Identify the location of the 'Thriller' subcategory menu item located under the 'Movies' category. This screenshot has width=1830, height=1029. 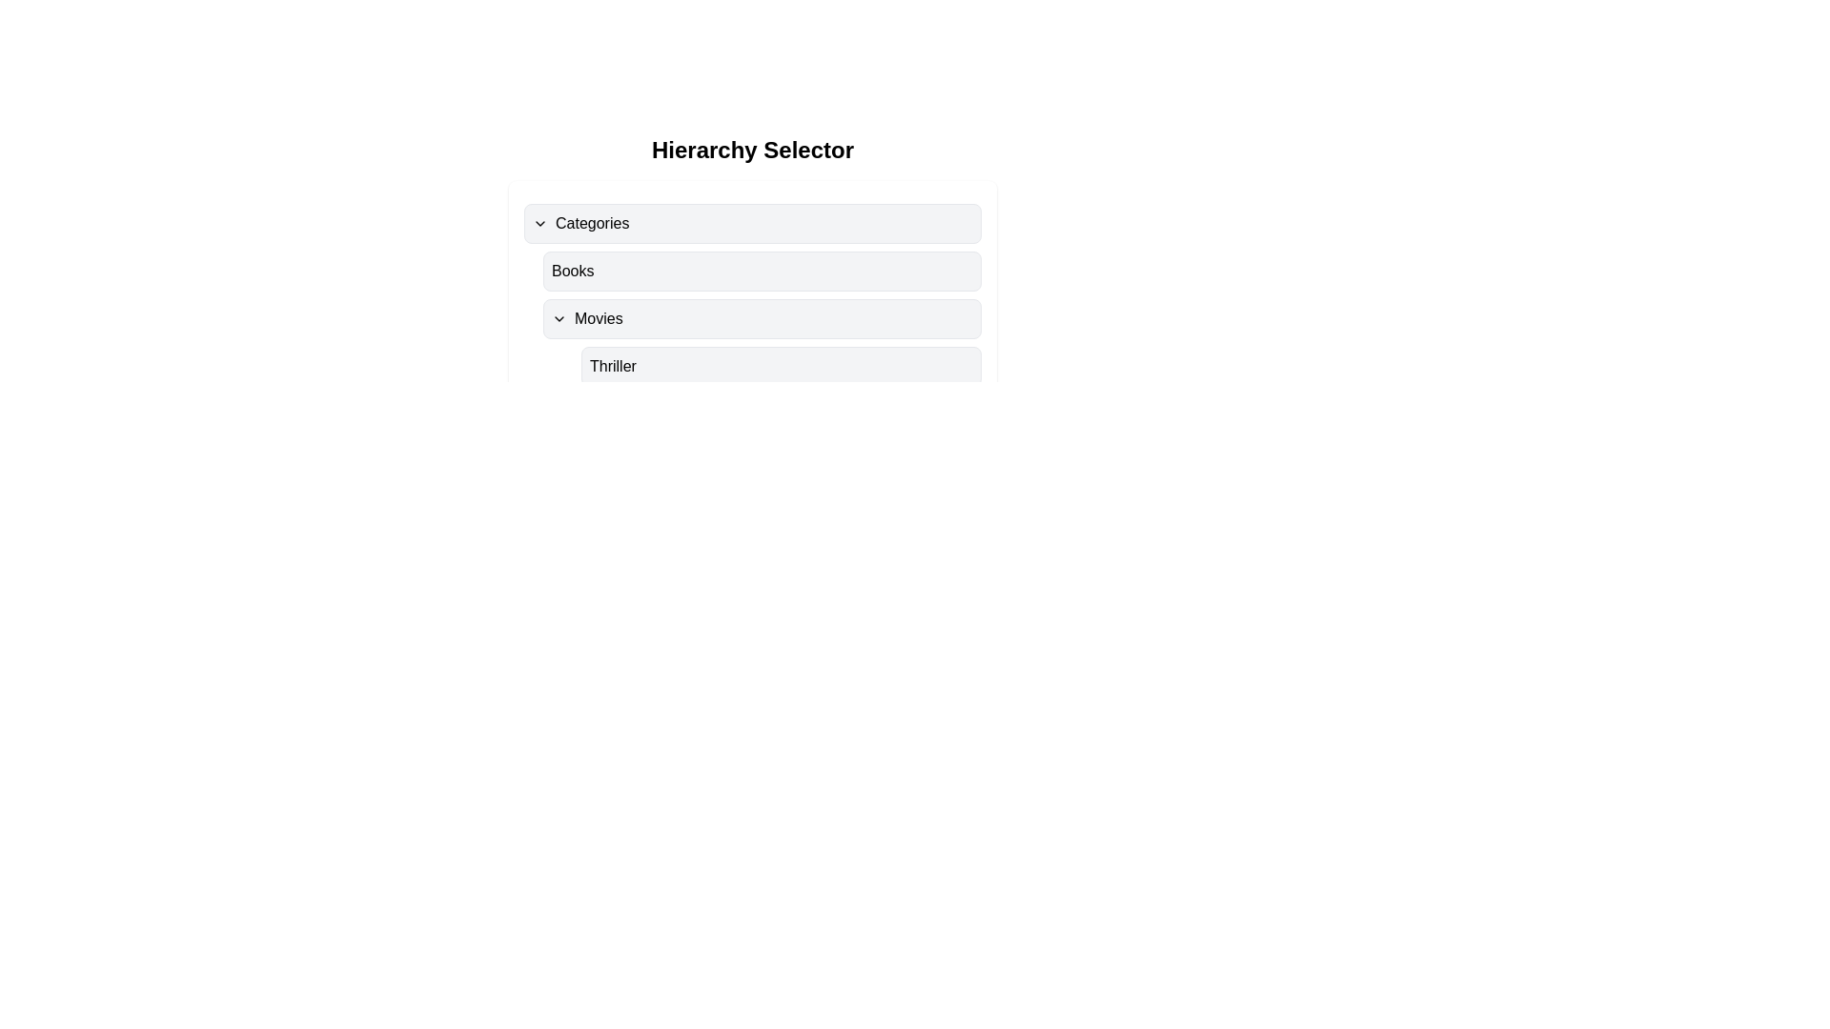
(782, 367).